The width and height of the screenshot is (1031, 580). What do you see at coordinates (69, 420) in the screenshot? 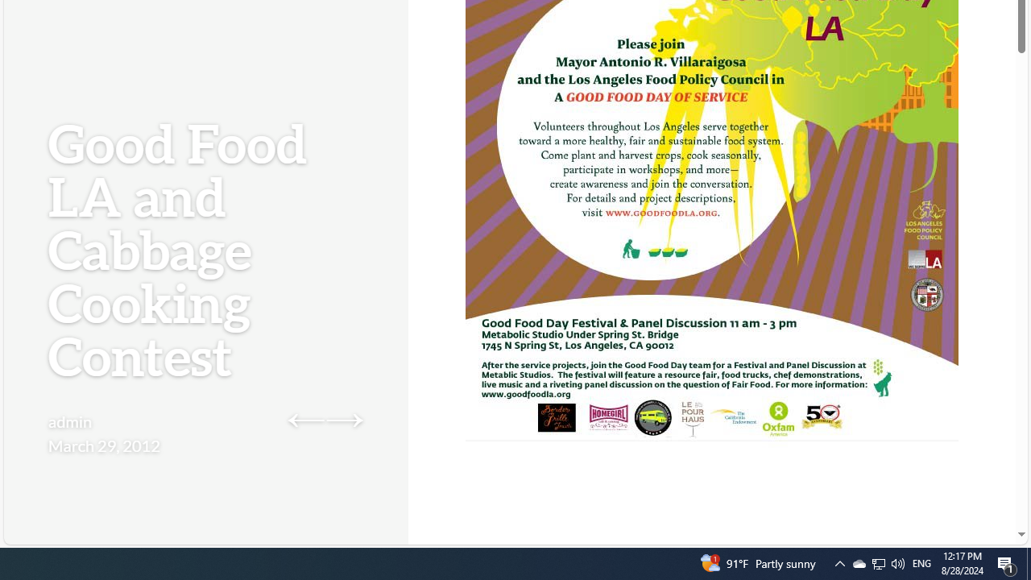
I see `'admin'` at bounding box center [69, 420].